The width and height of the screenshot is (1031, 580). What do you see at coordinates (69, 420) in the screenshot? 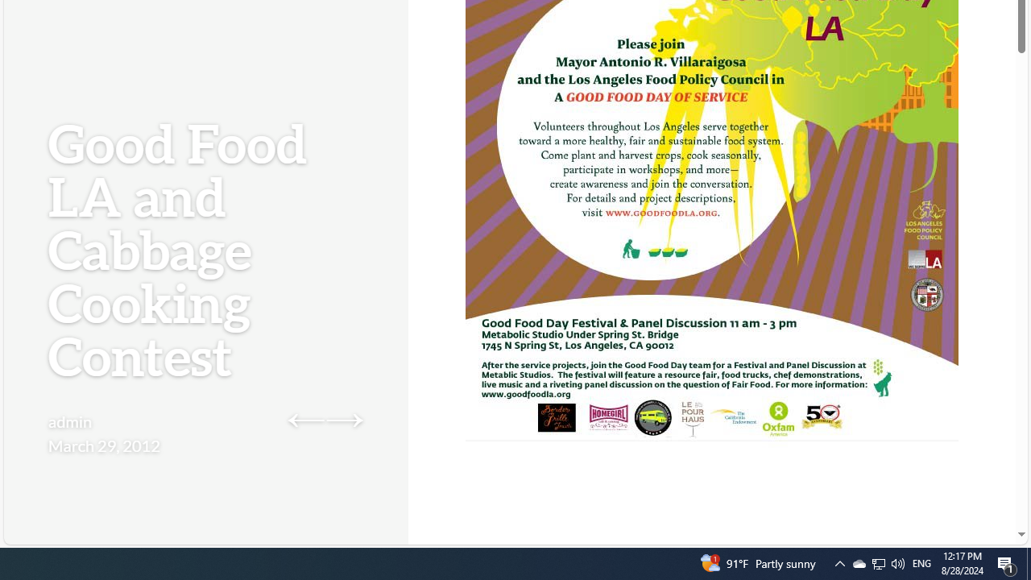
I see `'admin'` at bounding box center [69, 420].